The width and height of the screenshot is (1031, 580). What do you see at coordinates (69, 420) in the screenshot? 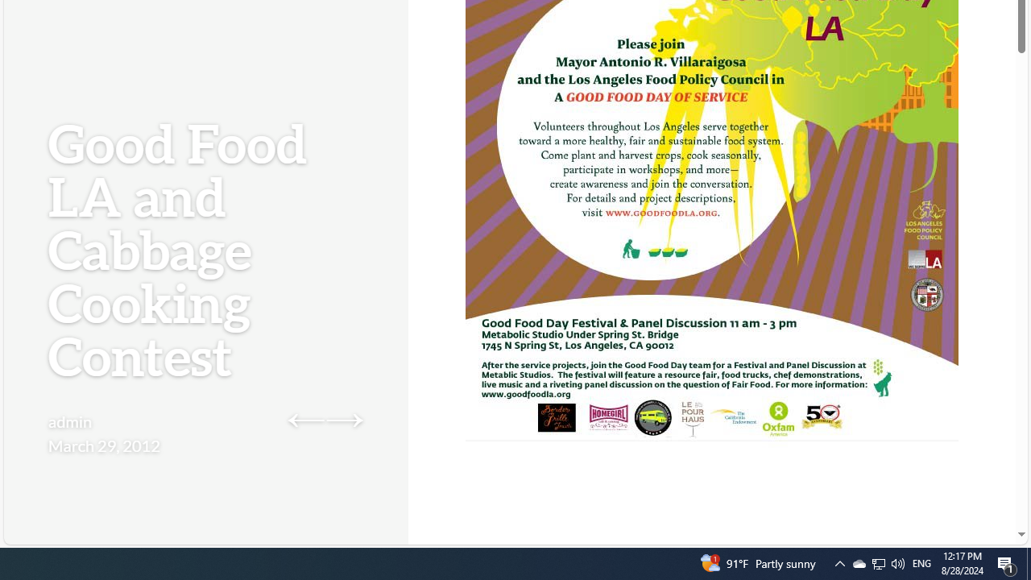
I see `'admin'` at bounding box center [69, 420].